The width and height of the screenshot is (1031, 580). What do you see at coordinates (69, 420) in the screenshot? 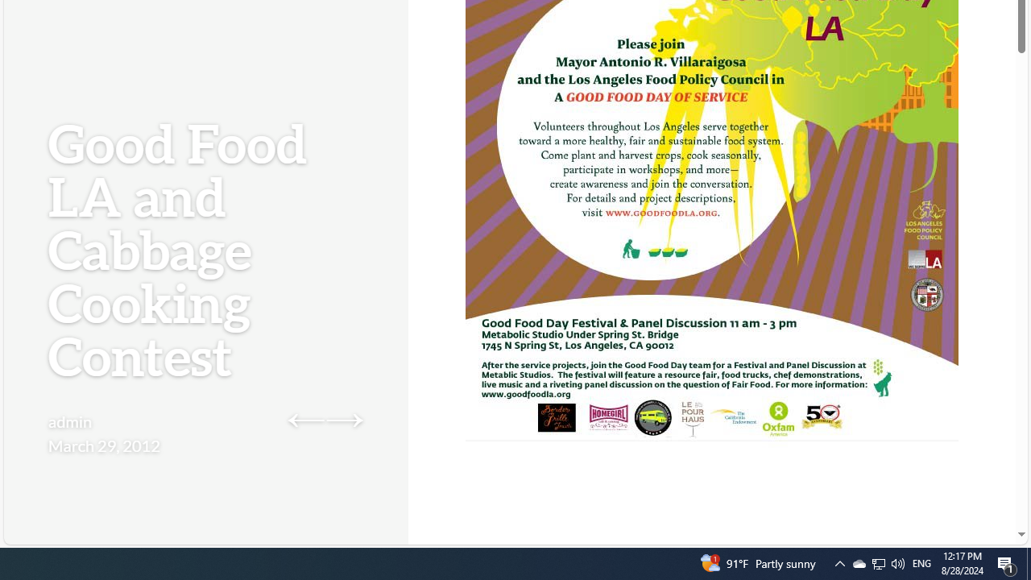
I see `'admin'` at bounding box center [69, 420].